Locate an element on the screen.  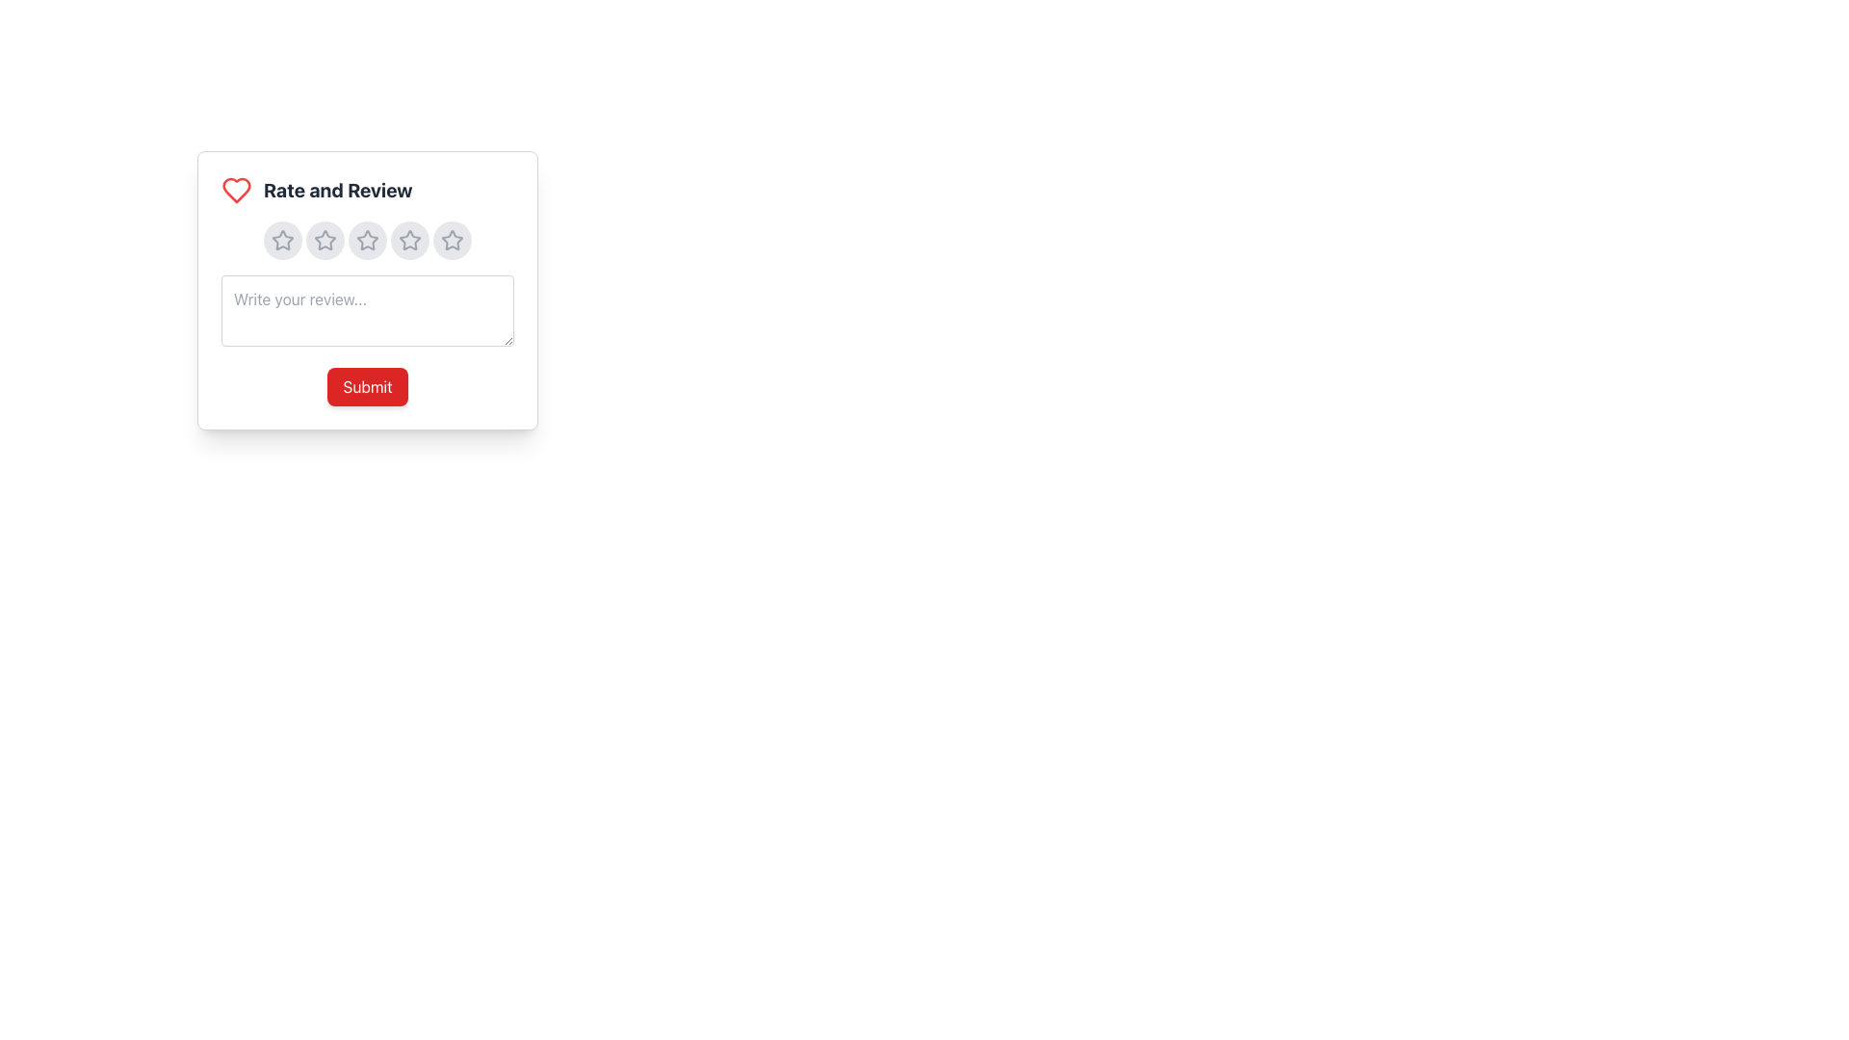
the circular icon button that features a star illustration, specifically the second star in a horizontal row of five stars is located at coordinates (325, 240).